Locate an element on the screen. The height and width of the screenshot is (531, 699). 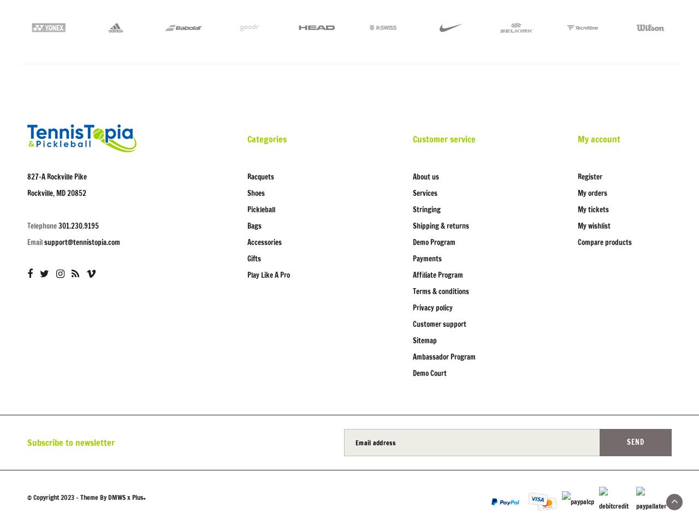
'x' is located at coordinates (129, 497).